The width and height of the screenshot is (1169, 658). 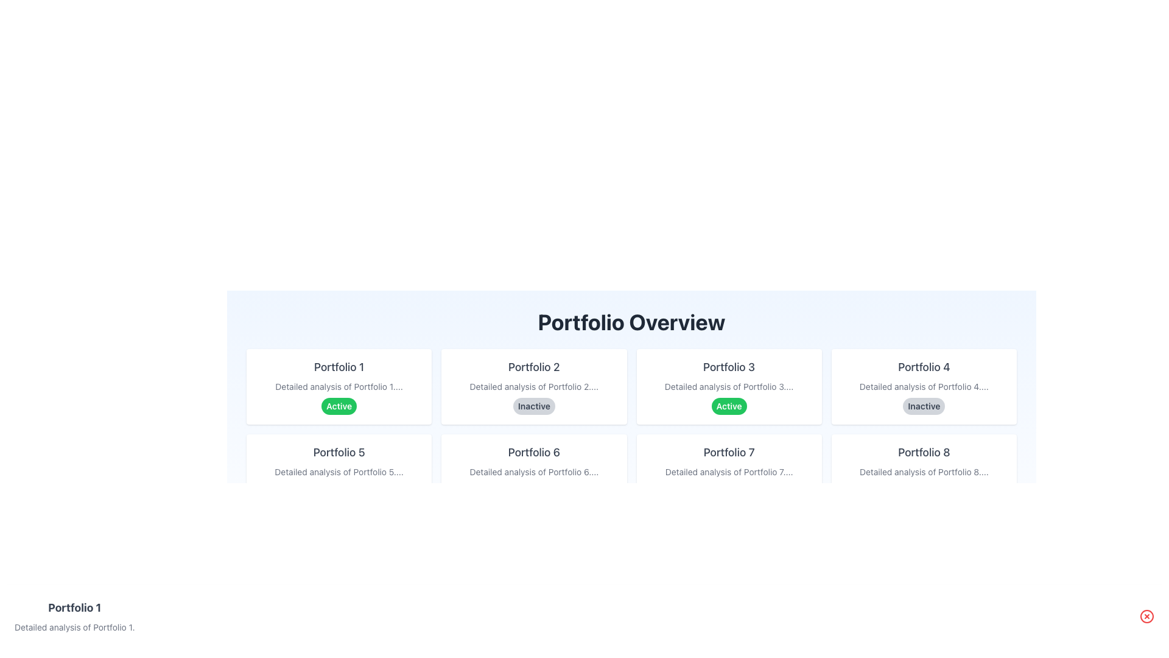 I want to click on the text label that reads 'Detailed analysis of Portfolio 7....', which is positioned below the 'Portfolio 7' title and above the green 'Active' badge in the card layout, so click(x=729, y=472).